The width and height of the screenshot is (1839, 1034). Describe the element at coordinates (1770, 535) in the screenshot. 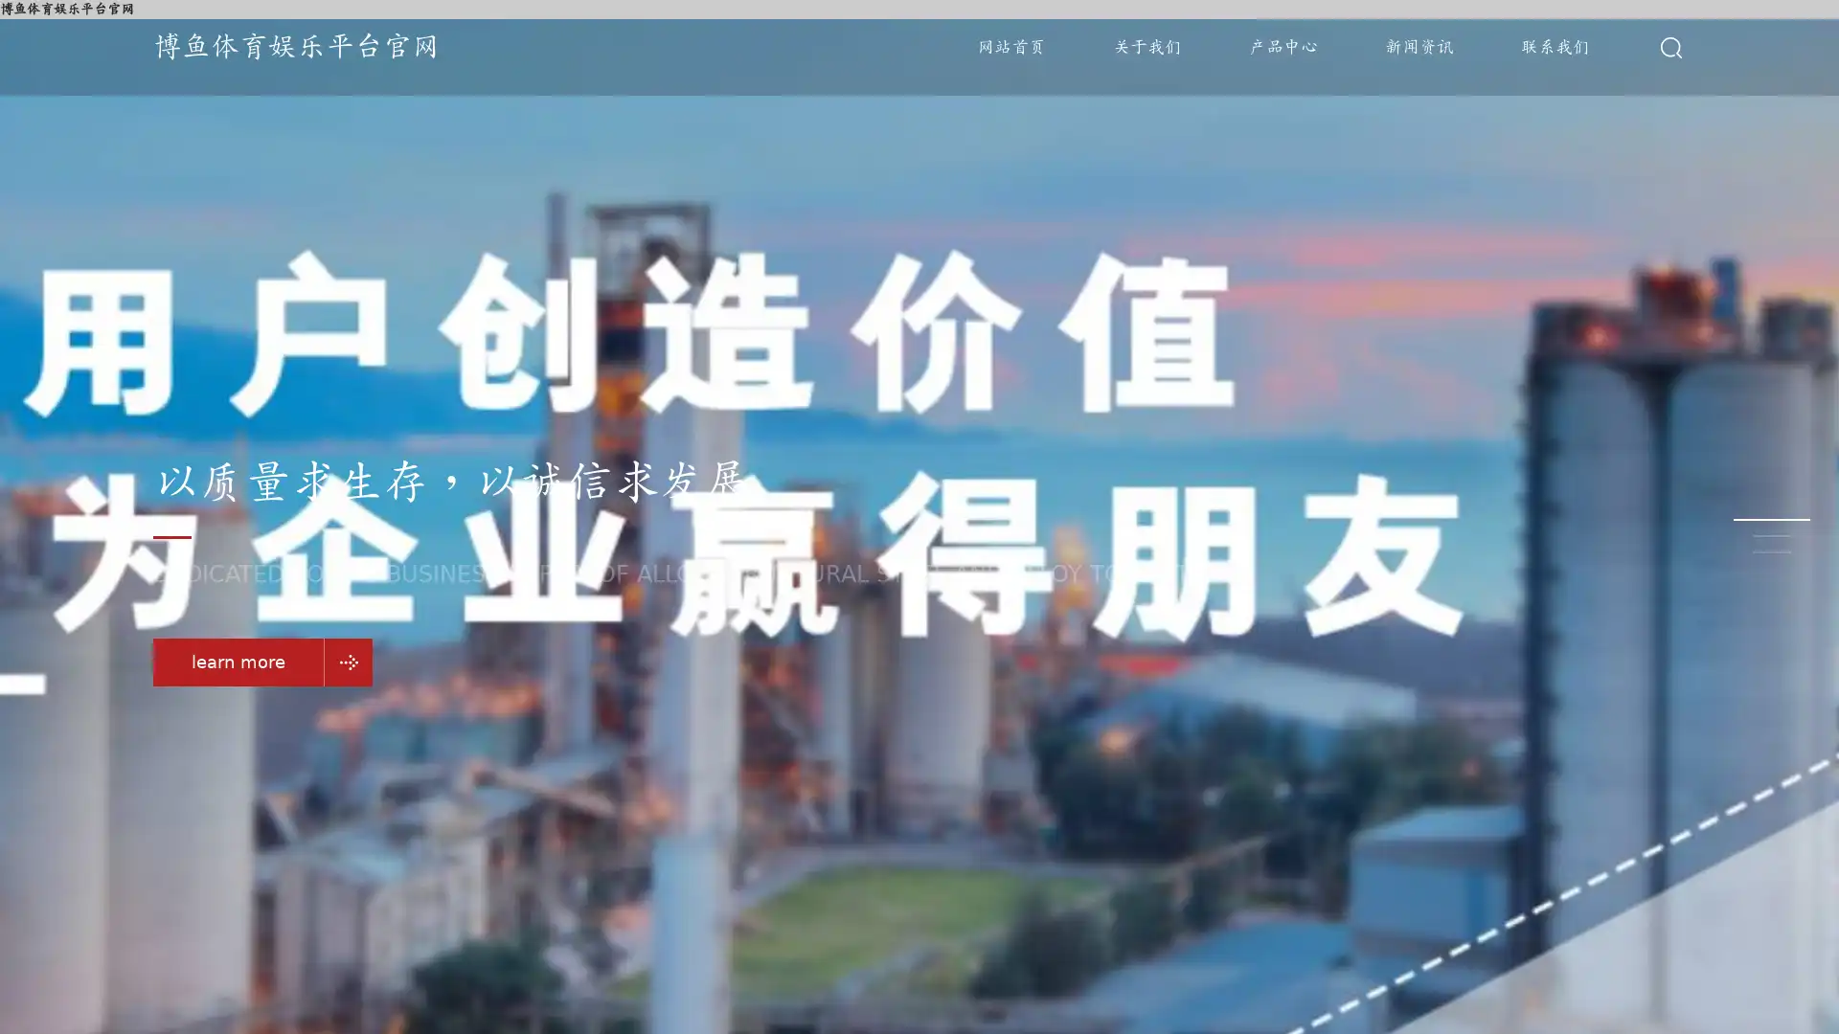

I see `Go to slide 2` at that location.